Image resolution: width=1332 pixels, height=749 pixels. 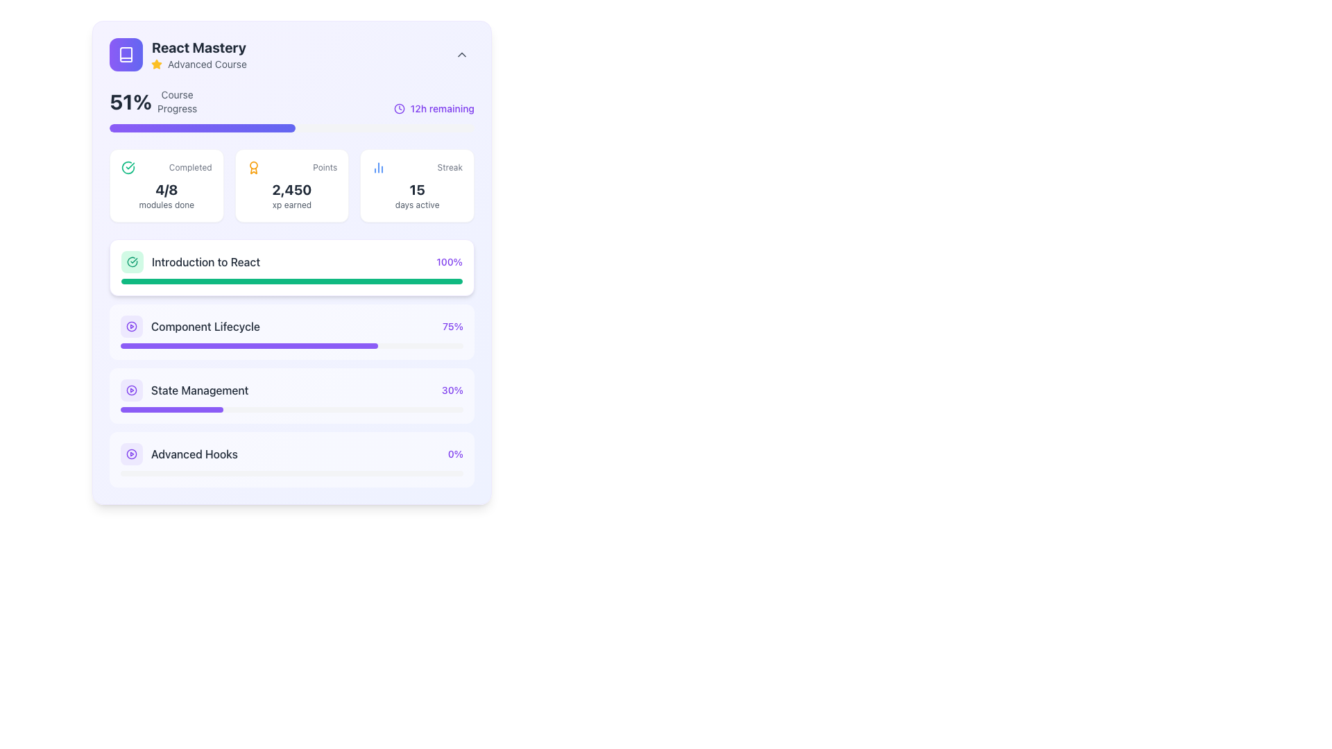 I want to click on the progress bar indicating 100% completion of the 'Introduction to React' module, located beneath the completion percentage text and above the next list item, so click(x=291, y=281).